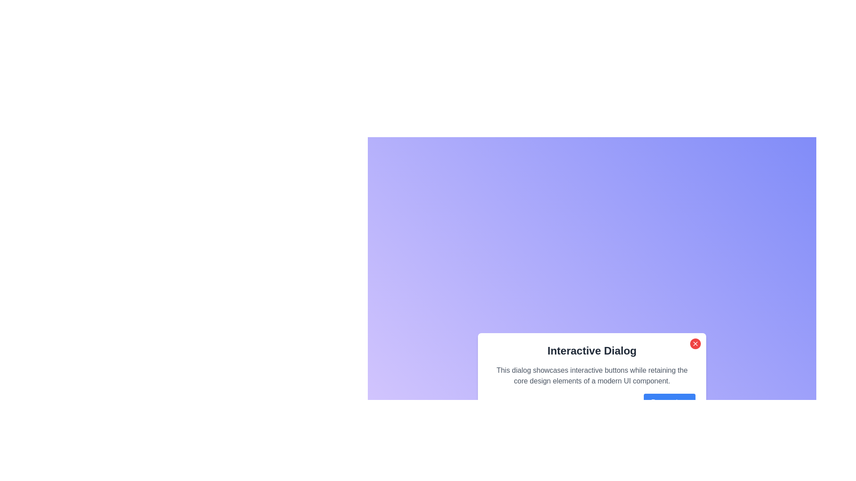 The image size is (856, 481). What do you see at coordinates (592, 376) in the screenshot?
I see `the text block containing the message: 'This dialog showcases interactive buttons while retaining the core design elements of a modern UI component.' which is styled in gray font color and is centrally placed within the interface dialog box` at bounding box center [592, 376].